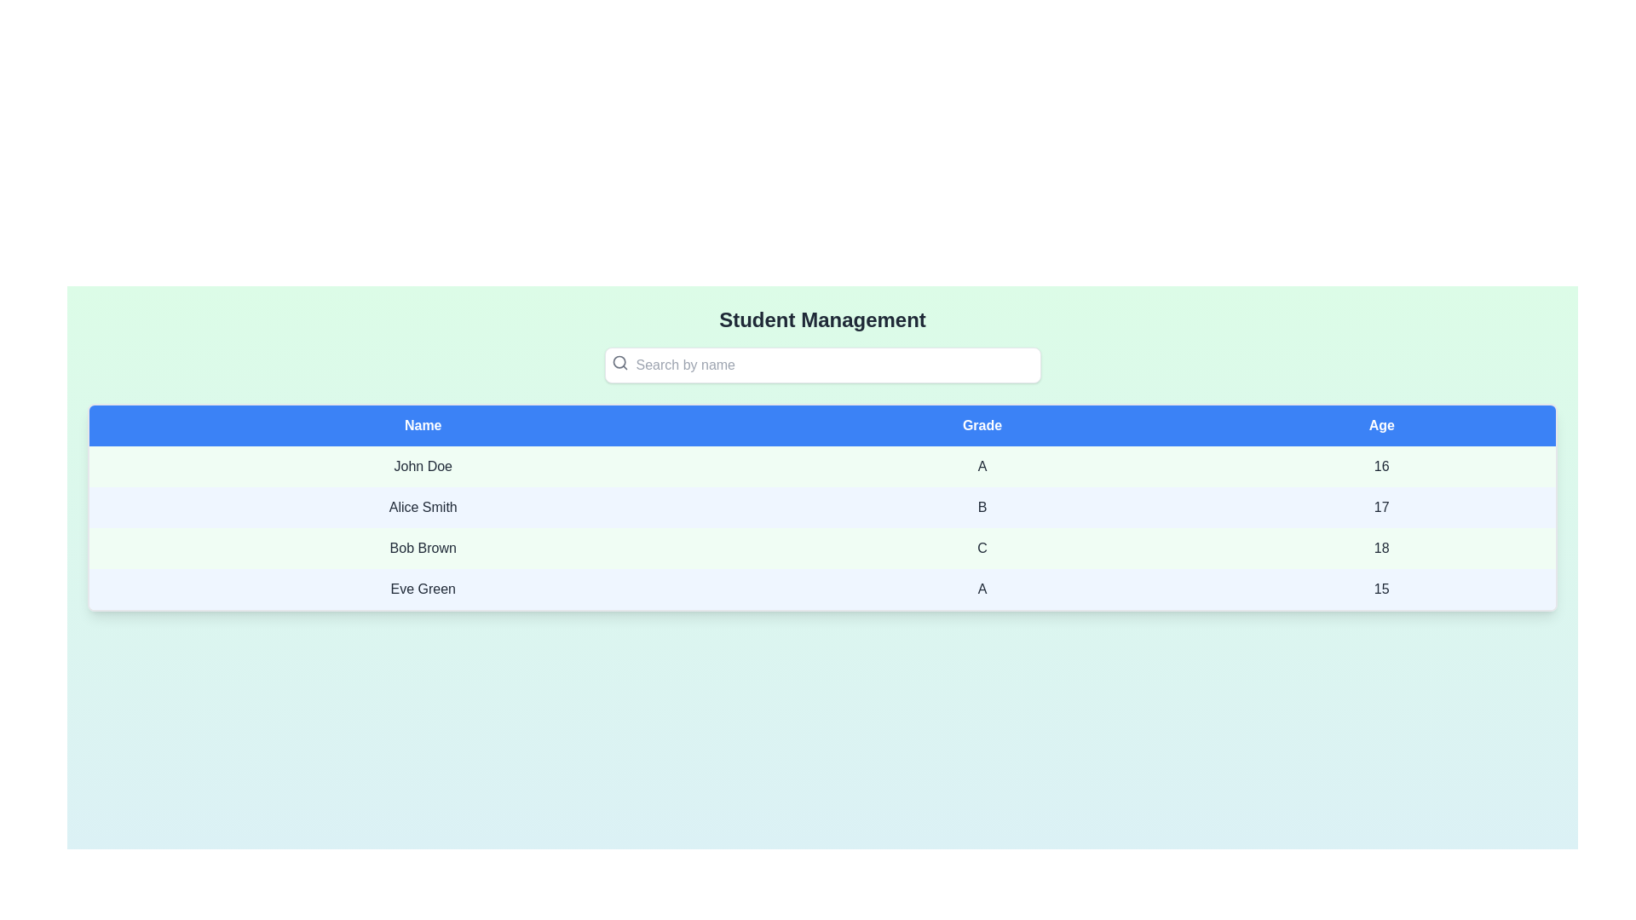 The width and height of the screenshot is (1636, 920). What do you see at coordinates (619, 361) in the screenshot?
I see `the search icon located at the leftmost side of the input field, near the placeholder text 'Search by name'` at bounding box center [619, 361].